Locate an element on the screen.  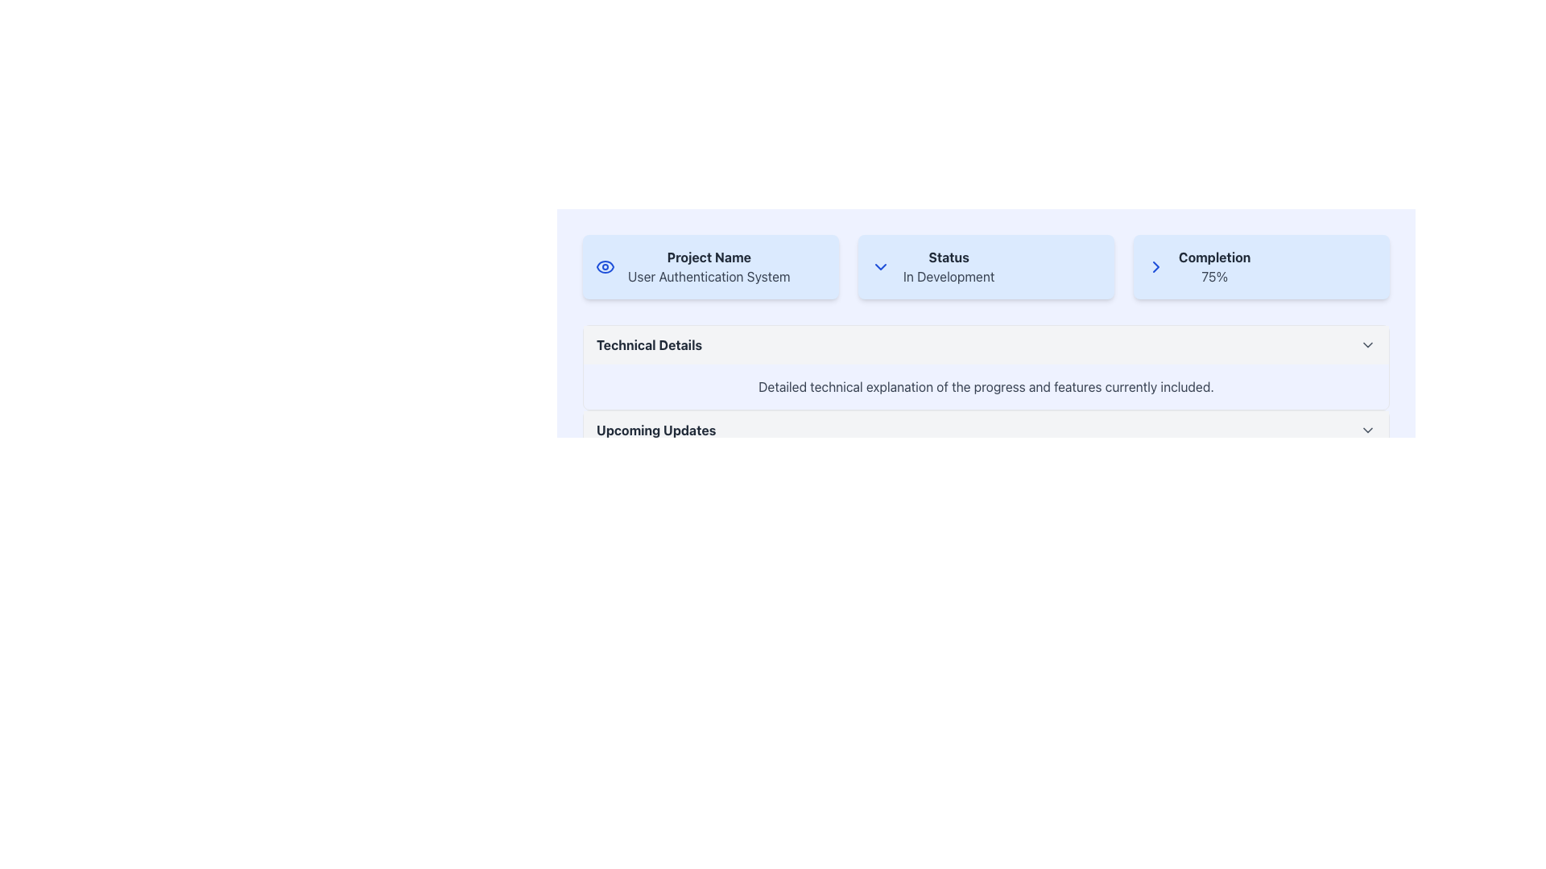
the label displaying 'User Authentication System', which is styled in gray (#gray-700) and positioned directly below 'Project Name' within a light blue rectangular box is located at coordinates (709, 275).